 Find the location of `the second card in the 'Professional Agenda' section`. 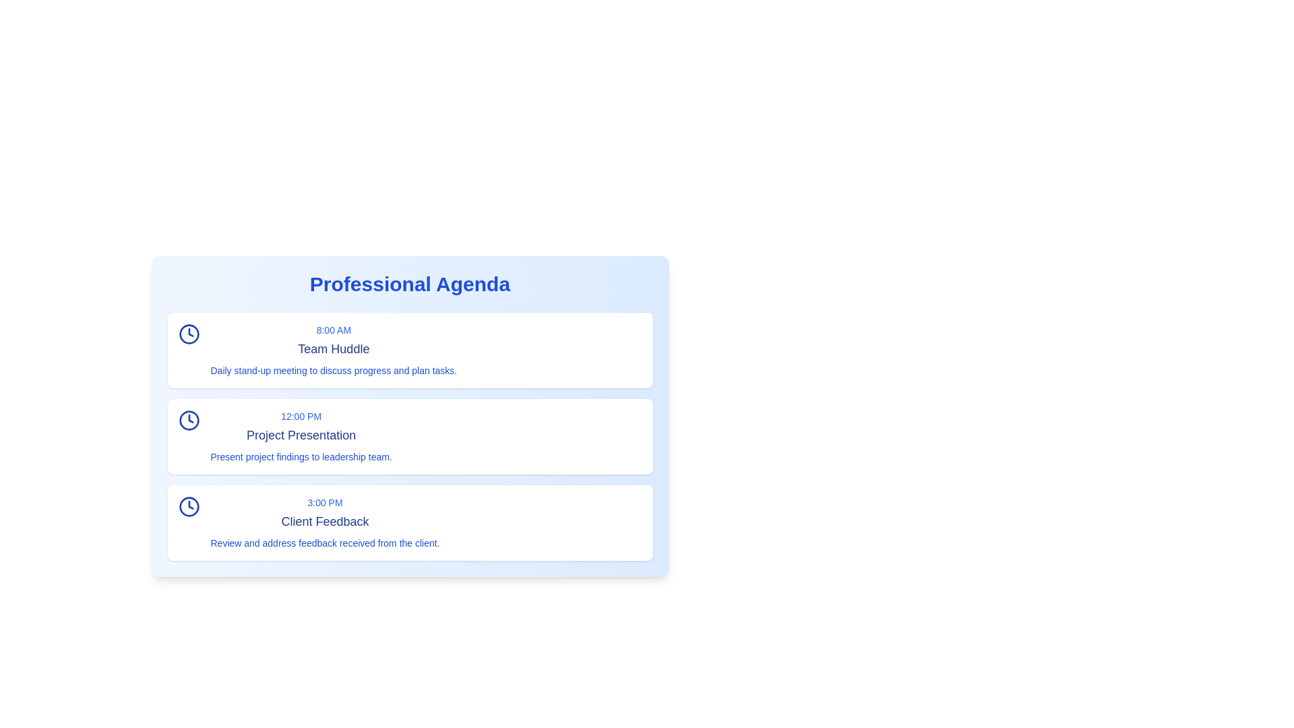

the second card in the 'Professional Agenda' section is located at coordinates (409, 437).